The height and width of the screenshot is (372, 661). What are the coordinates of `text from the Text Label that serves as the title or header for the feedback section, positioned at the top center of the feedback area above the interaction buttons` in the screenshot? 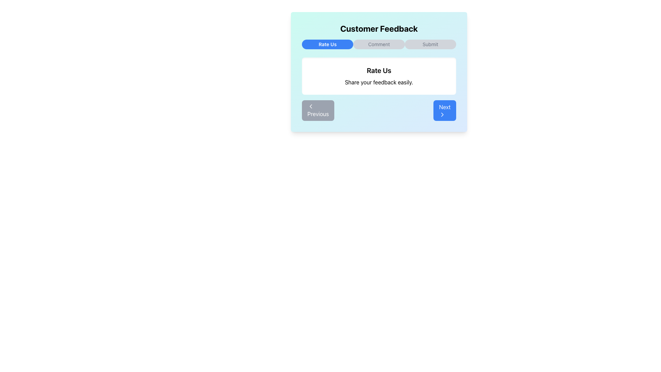 It's located at (378, 28).